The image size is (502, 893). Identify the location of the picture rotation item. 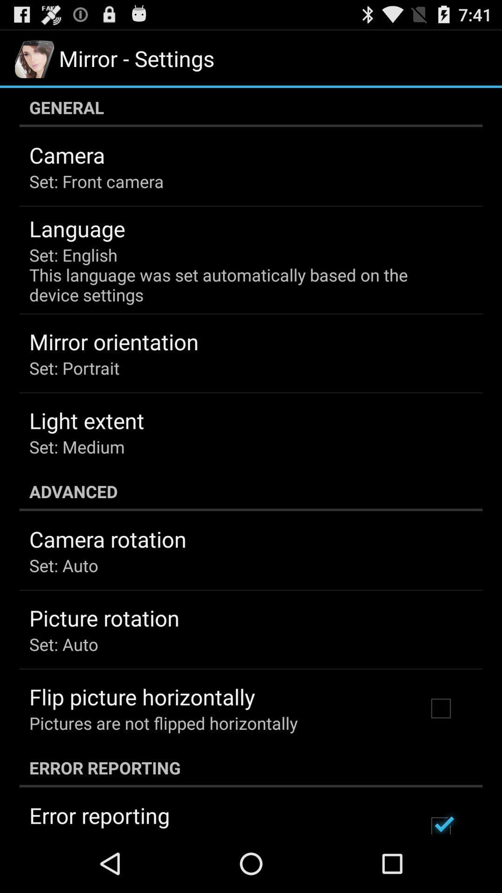
(104, 618).